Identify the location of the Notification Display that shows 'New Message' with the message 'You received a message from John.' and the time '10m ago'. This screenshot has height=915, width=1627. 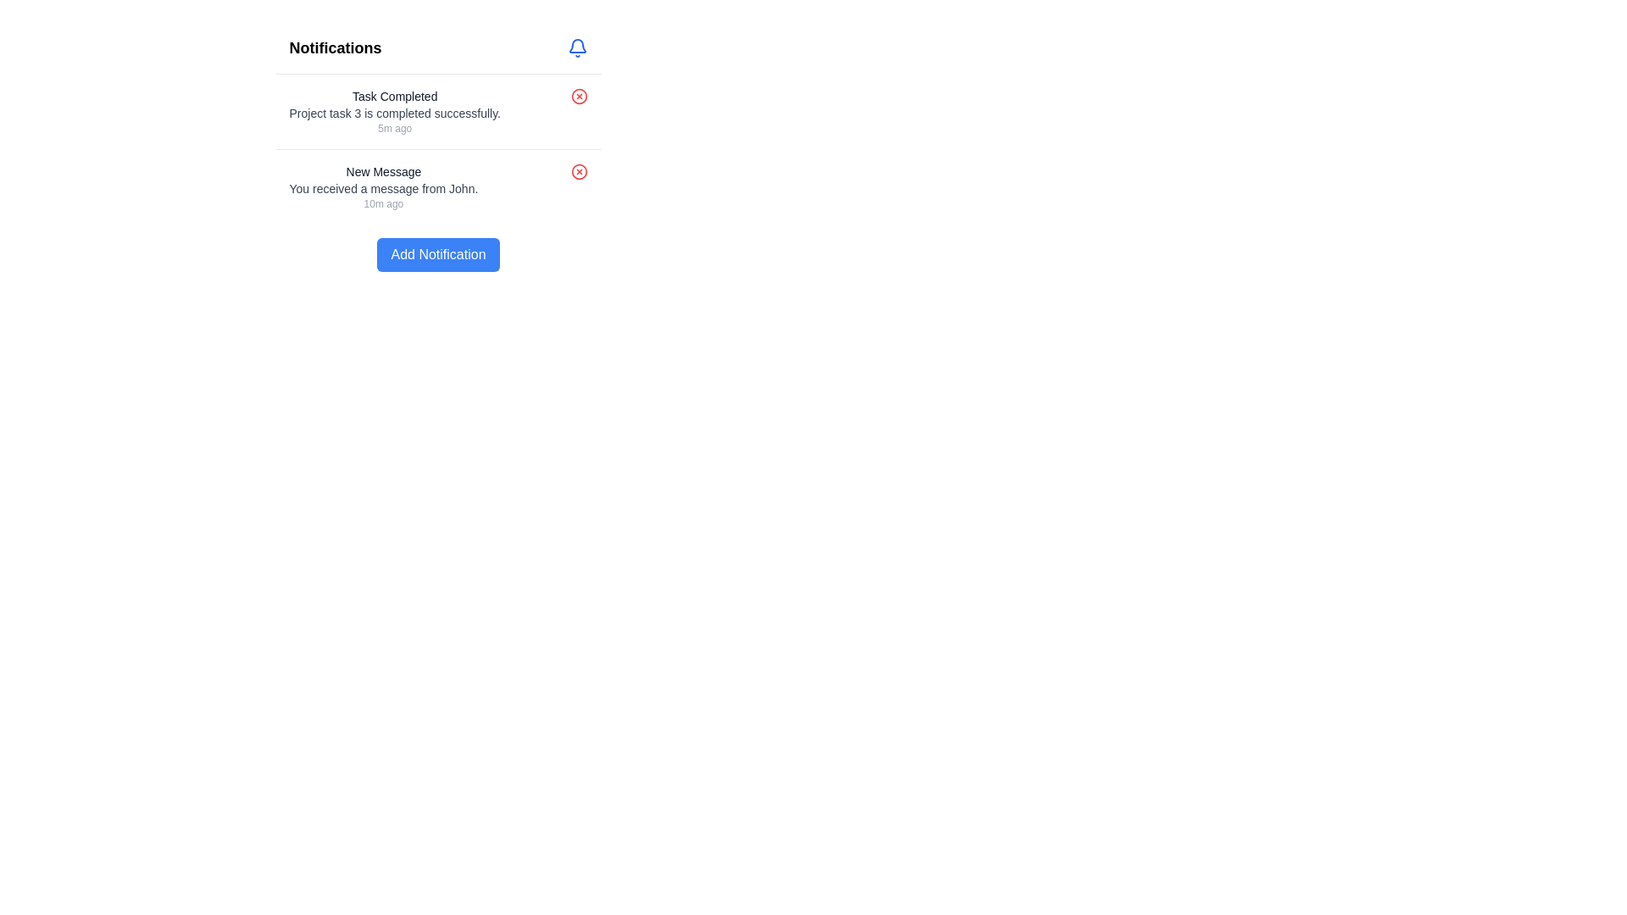
(382, 186).